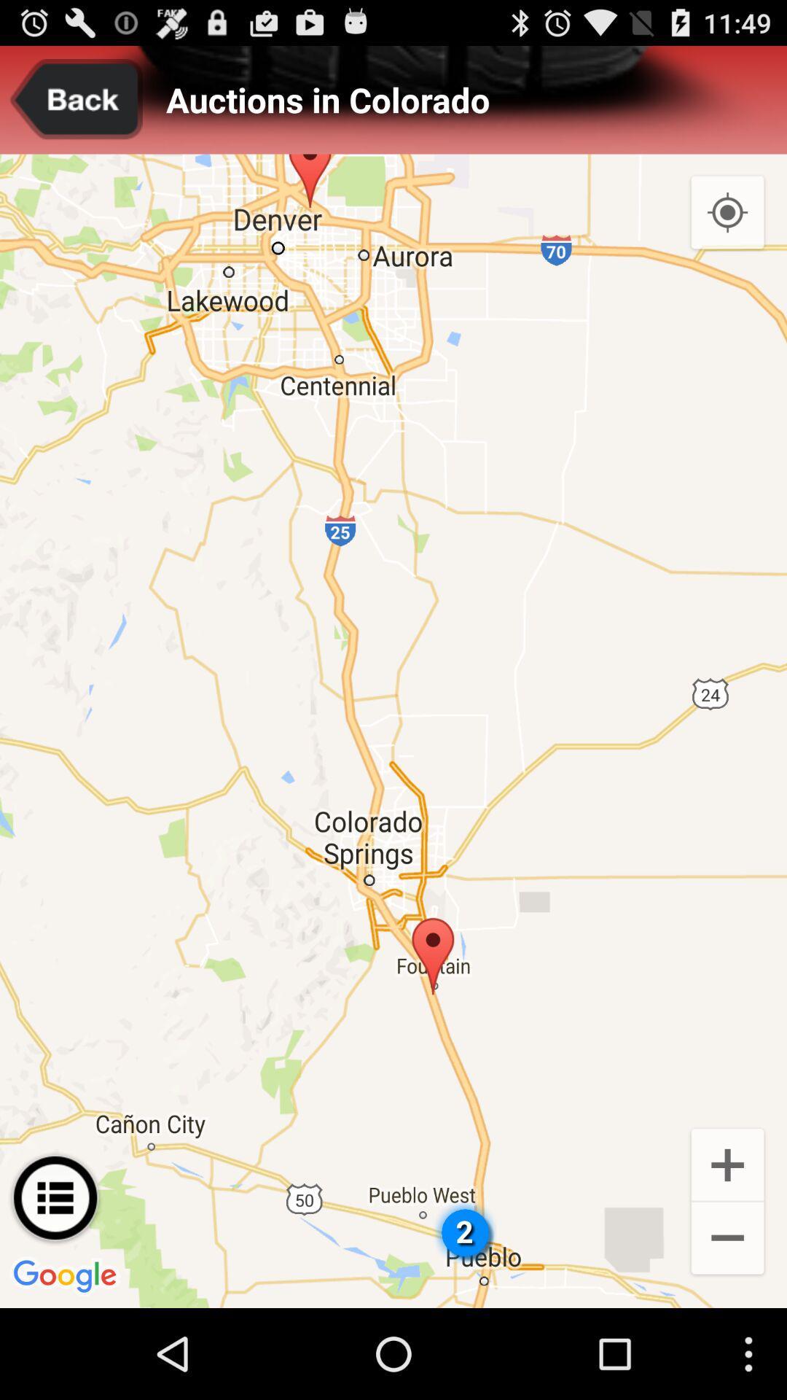  Describe the element at coordinates (727, 227) in the screenshot. I see `the location_crosshair icon` at that location.